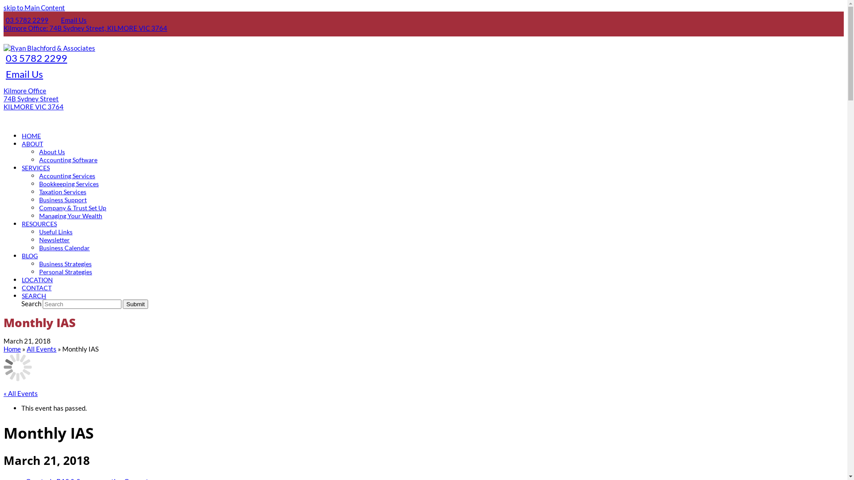 The width and height of the screenshot is (854, 480). What do you see at coordinates (85, 27) in the screenshot?
I see `'Kilmore Office: 74B Sydney Street, KILMORE VIC 3764'` at bounding box center [85, 27].